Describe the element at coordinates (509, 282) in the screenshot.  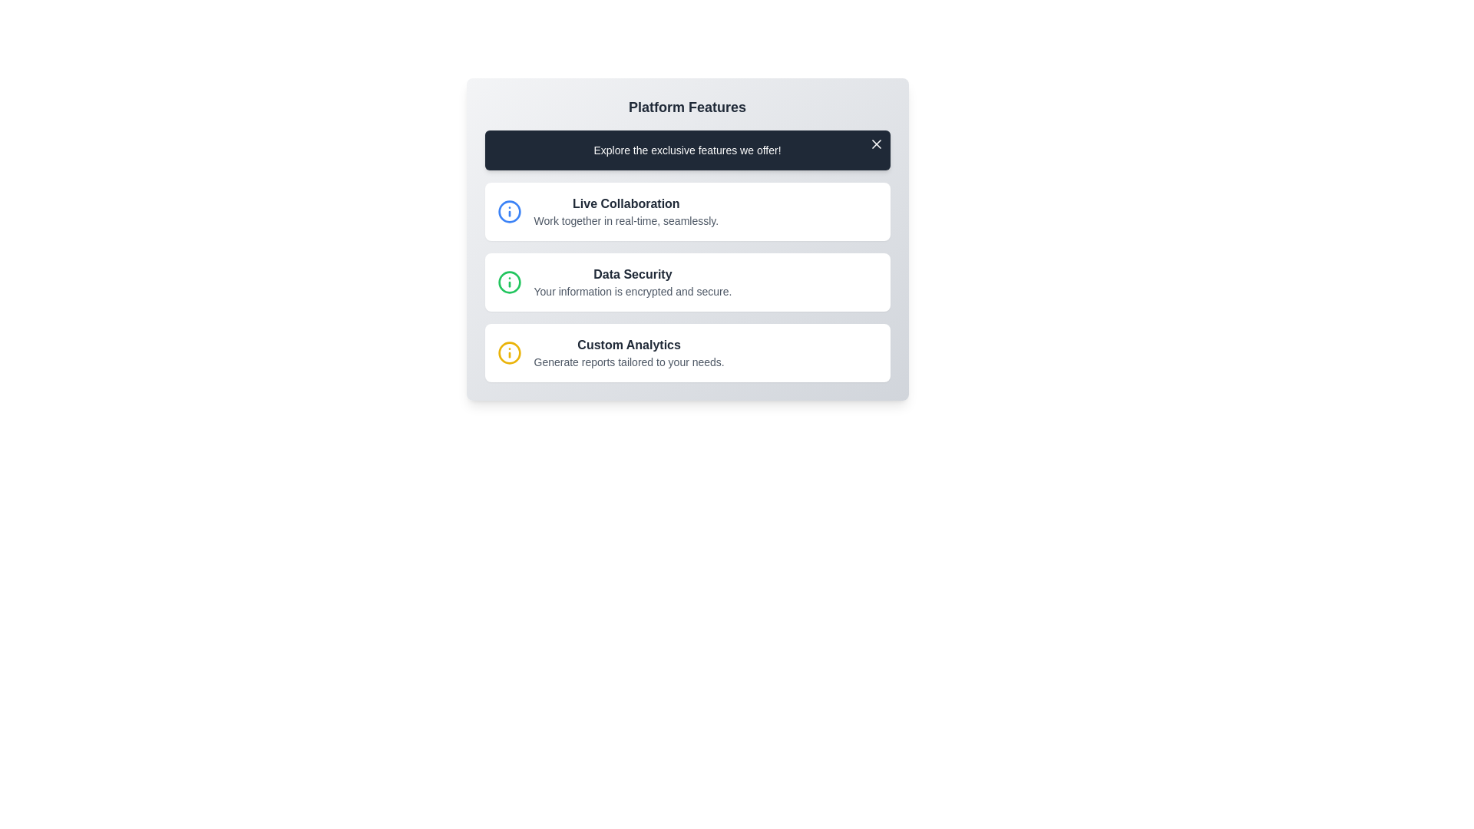
I see `the circular component with a green outline in the 'Data Security' informational icon, located below 'Live Collaboration' and above 'Custom Analytics'` at that location.